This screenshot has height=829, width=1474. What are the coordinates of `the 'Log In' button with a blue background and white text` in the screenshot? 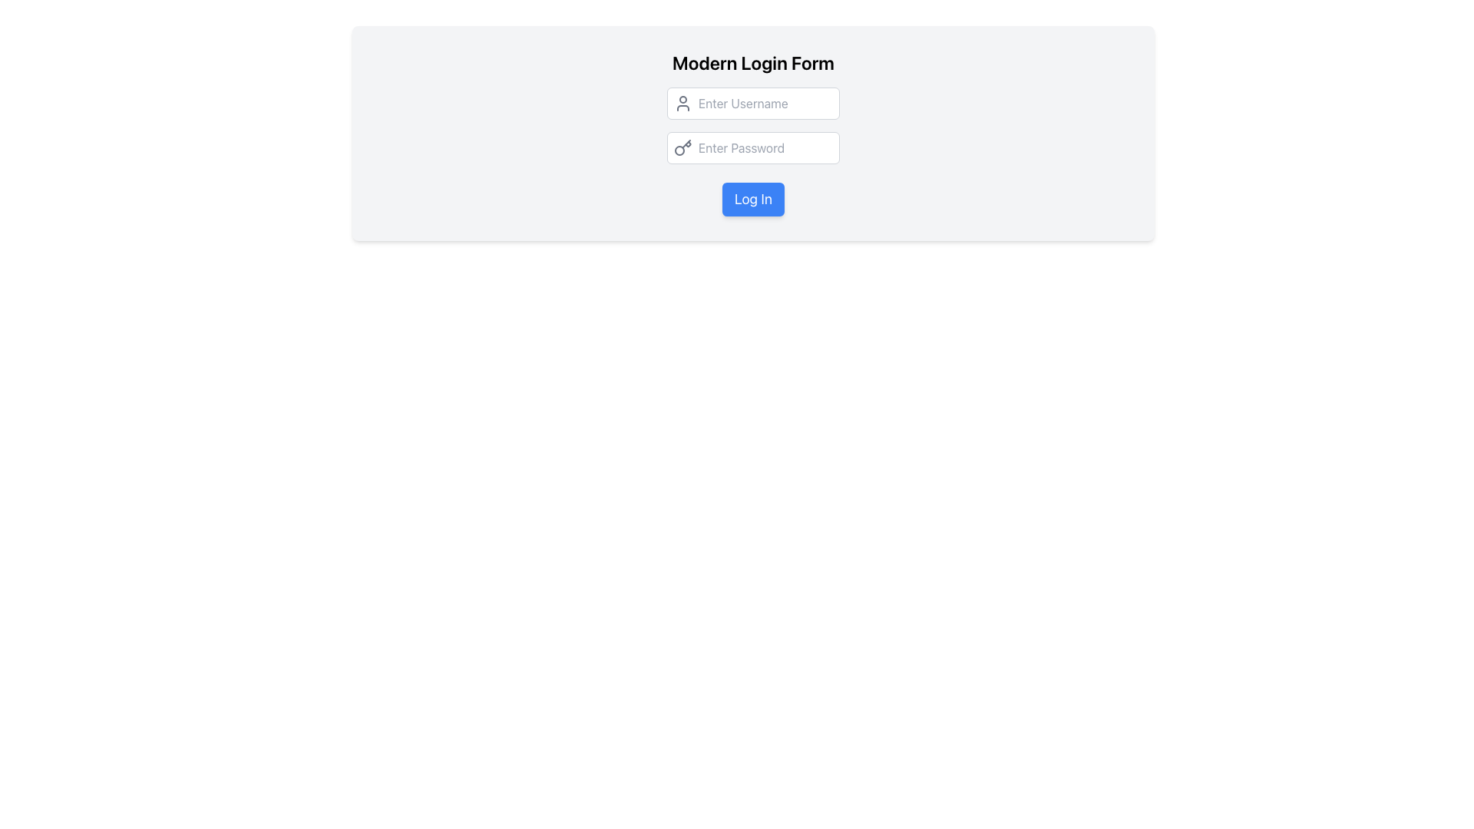 It's located at (753, 198).